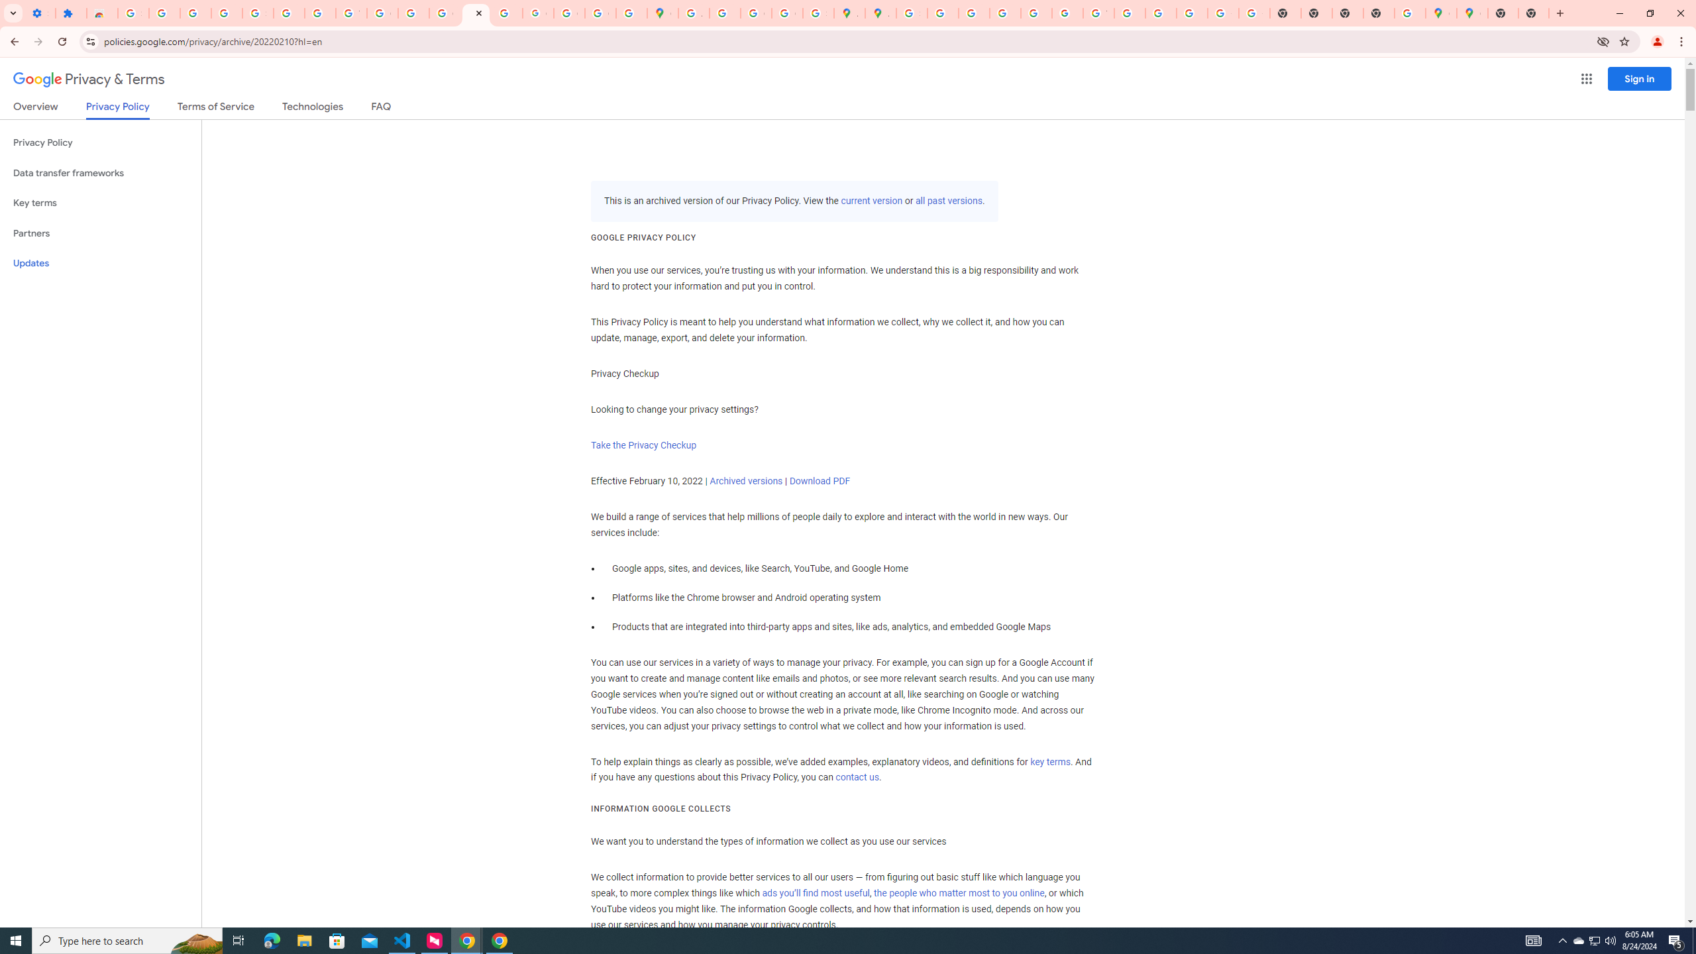 This screenshot has height=954, width=1696. I want to click on 'New Tab', so click(1503, 13).